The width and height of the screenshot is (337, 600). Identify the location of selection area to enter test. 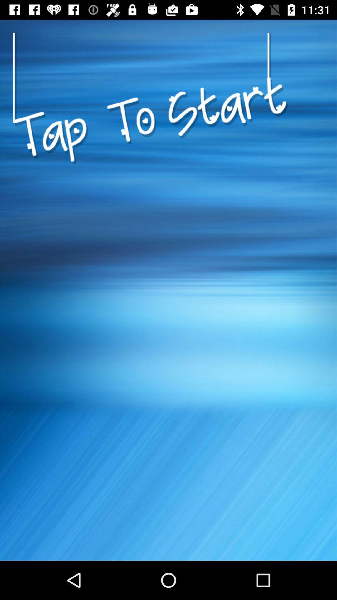
(150, 192).